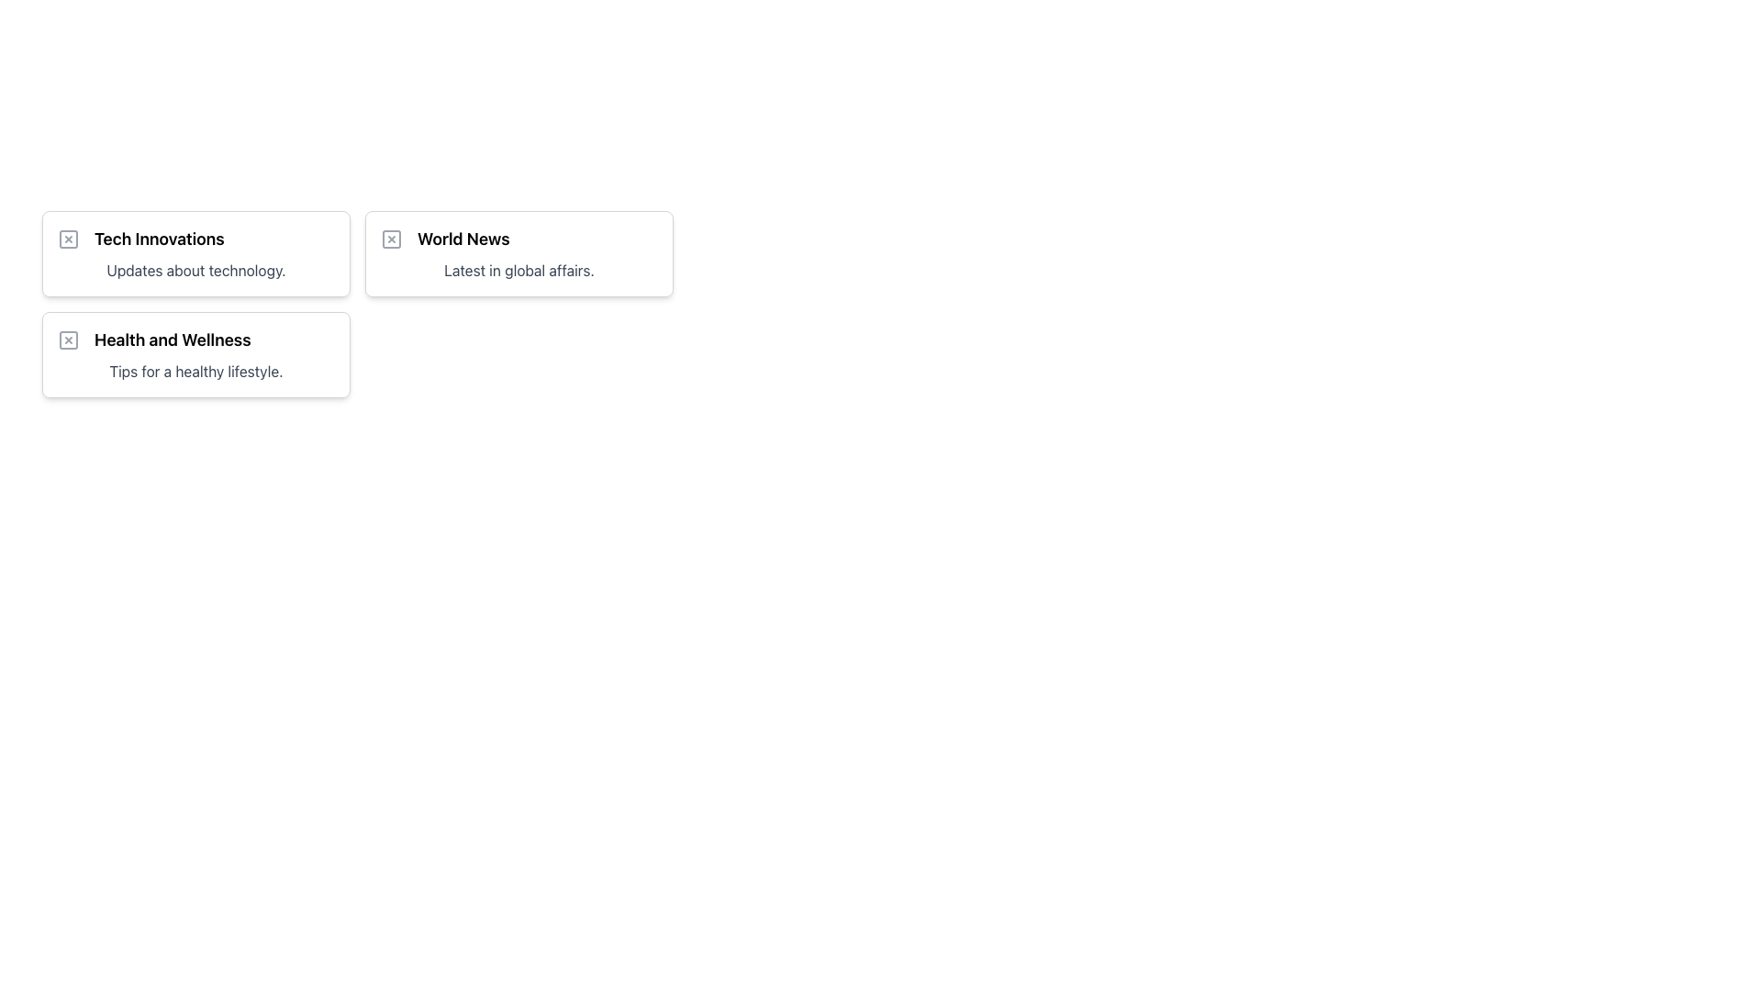  I want to click on the 'World News' text label, so click(463, 239).